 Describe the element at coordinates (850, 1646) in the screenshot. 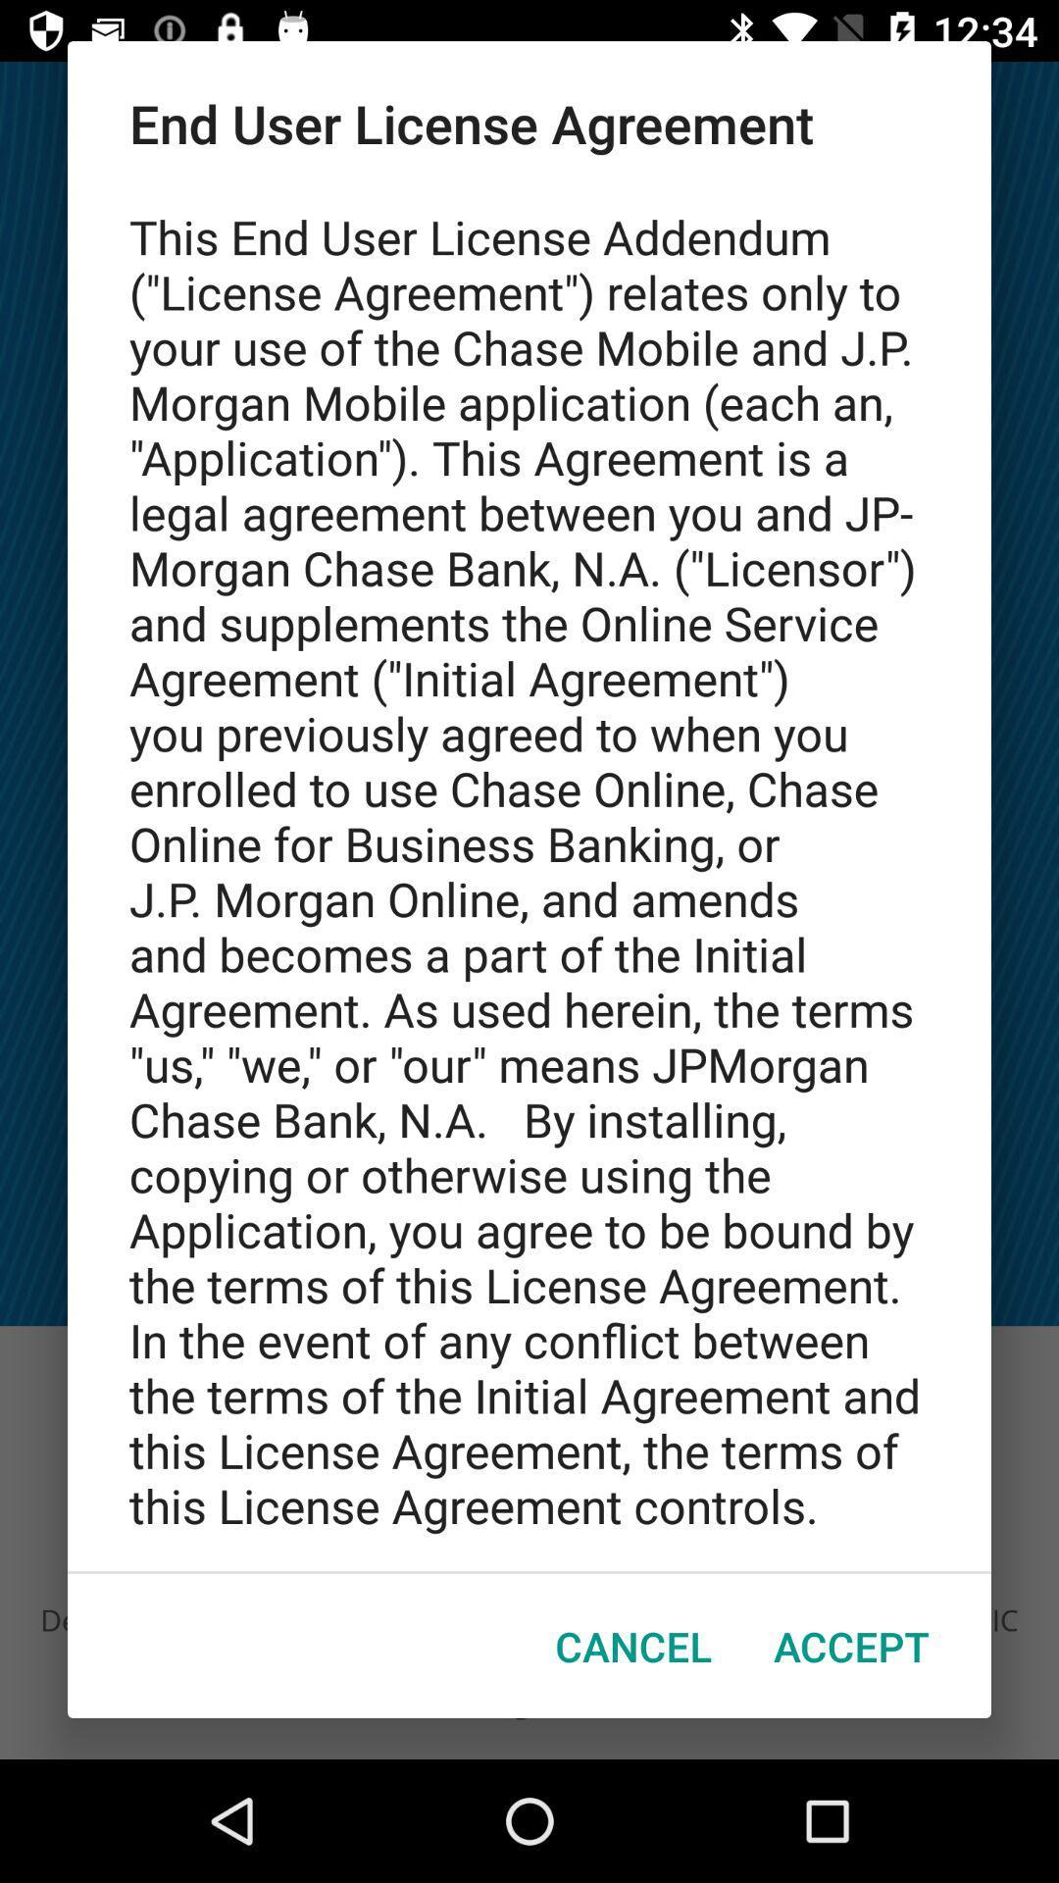

I see `accept icon` at that location.